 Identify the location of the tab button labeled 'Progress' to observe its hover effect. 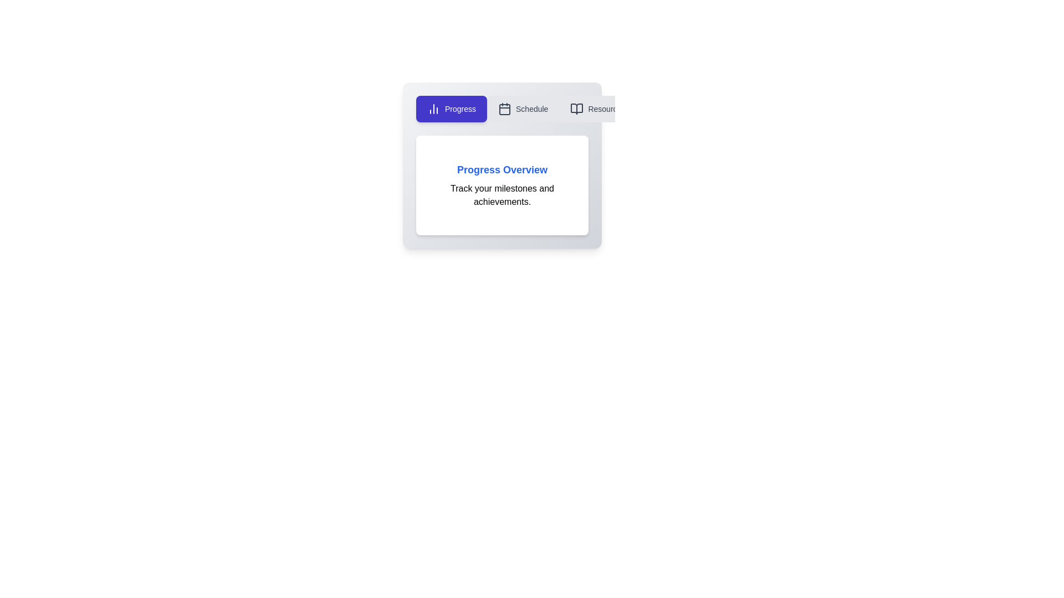
(452, 109).